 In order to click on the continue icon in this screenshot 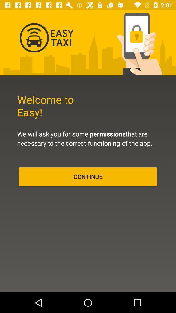, I will do `click(88, 176)`.